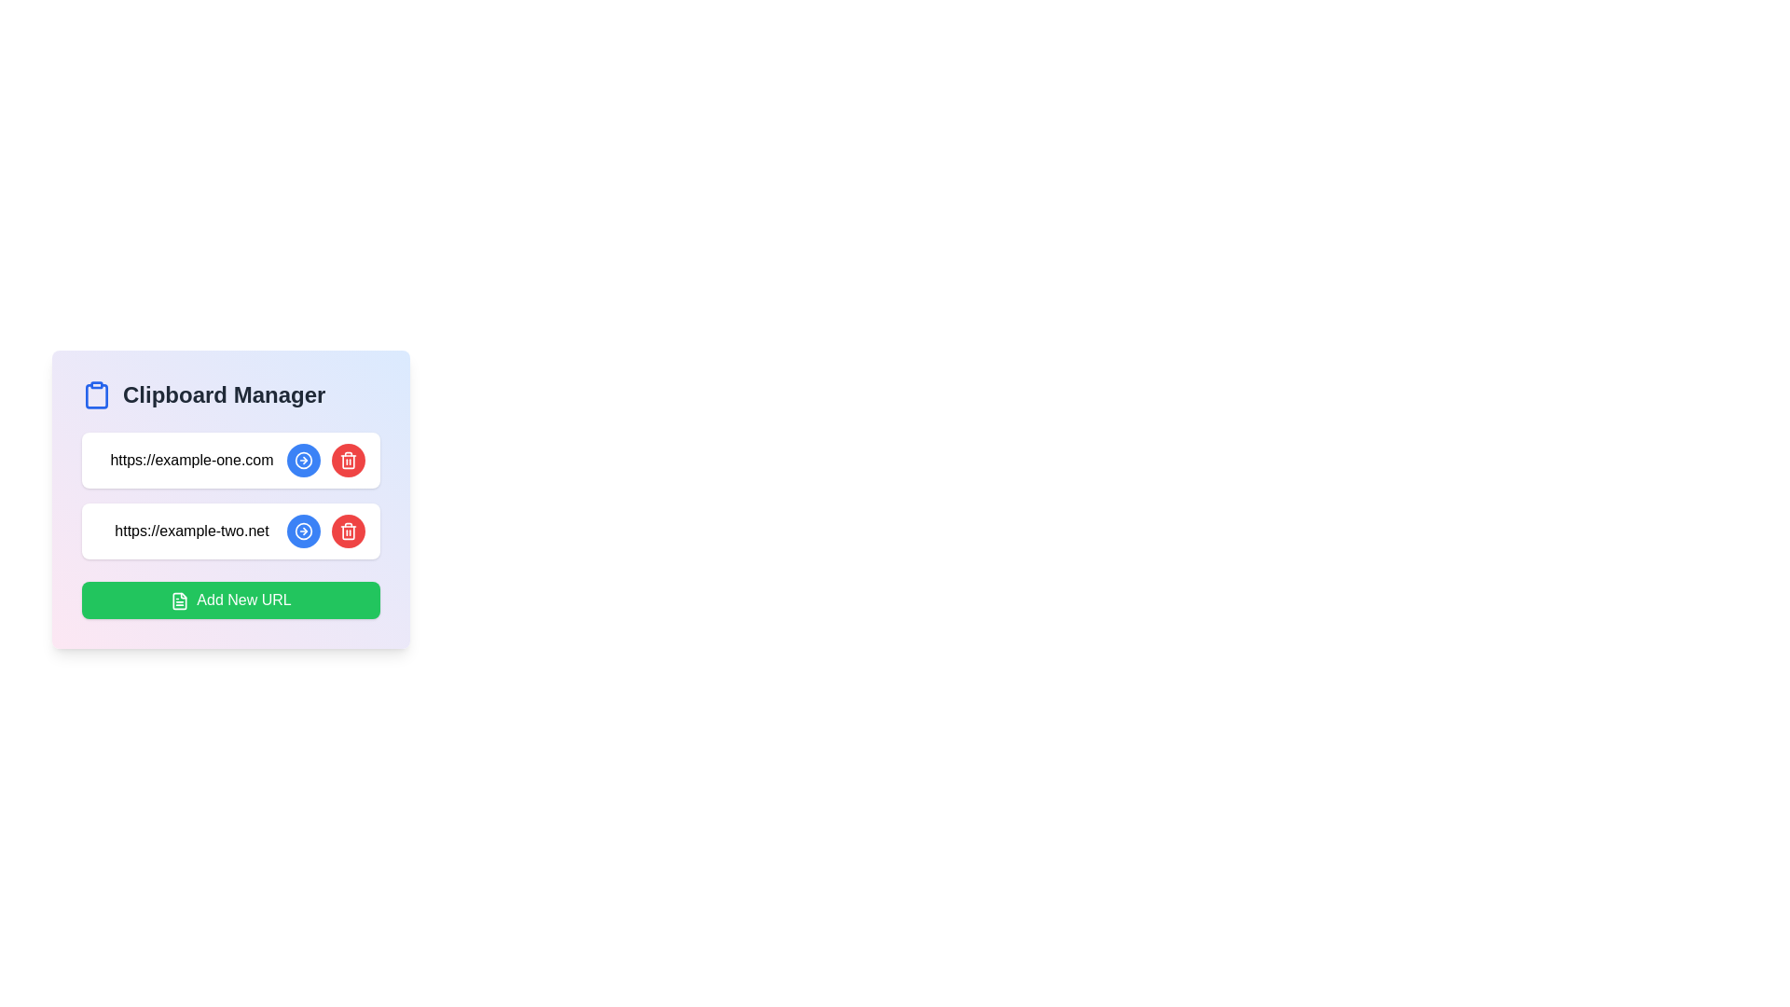 The width and height of the screenshot is (1790, 1007). What do you see at coordinates (180, 600) in the screenshot?
I see `the icon that resembles a document or file with text lines inside, located on the left side of the green button labeled 'Add New URL'` at bounding box center [180, 600].